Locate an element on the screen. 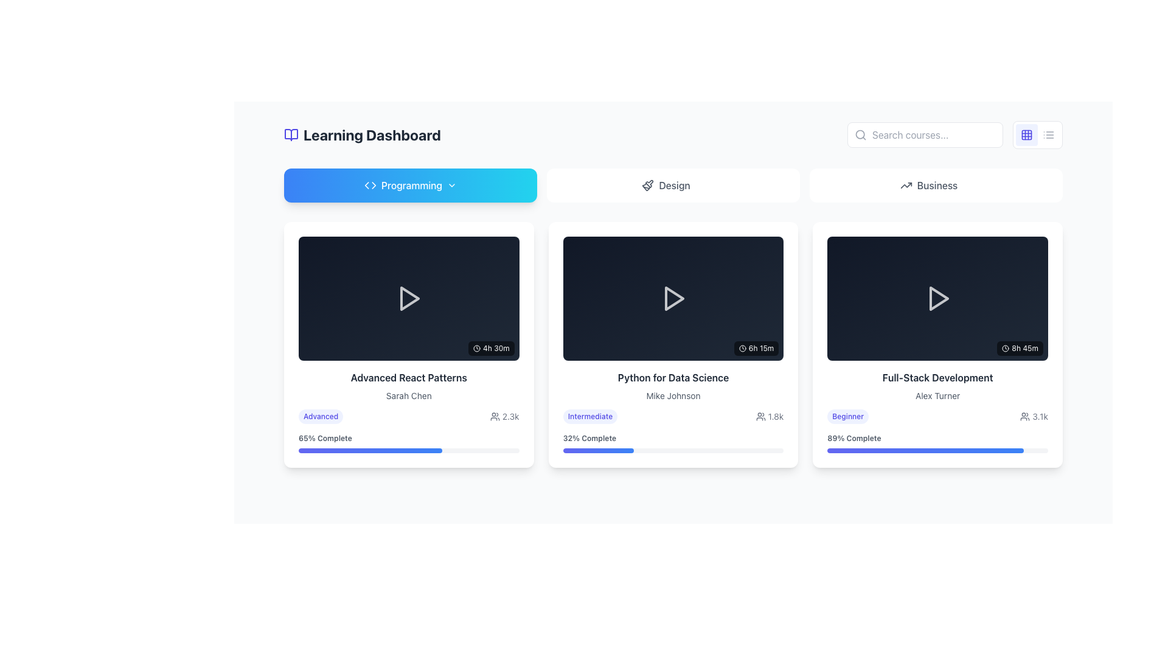 The height and width of the screenshot is (657, 1168). the second button in the navigation row, which directs to the design section, to change its appearance is located at coordinates (673, 185).